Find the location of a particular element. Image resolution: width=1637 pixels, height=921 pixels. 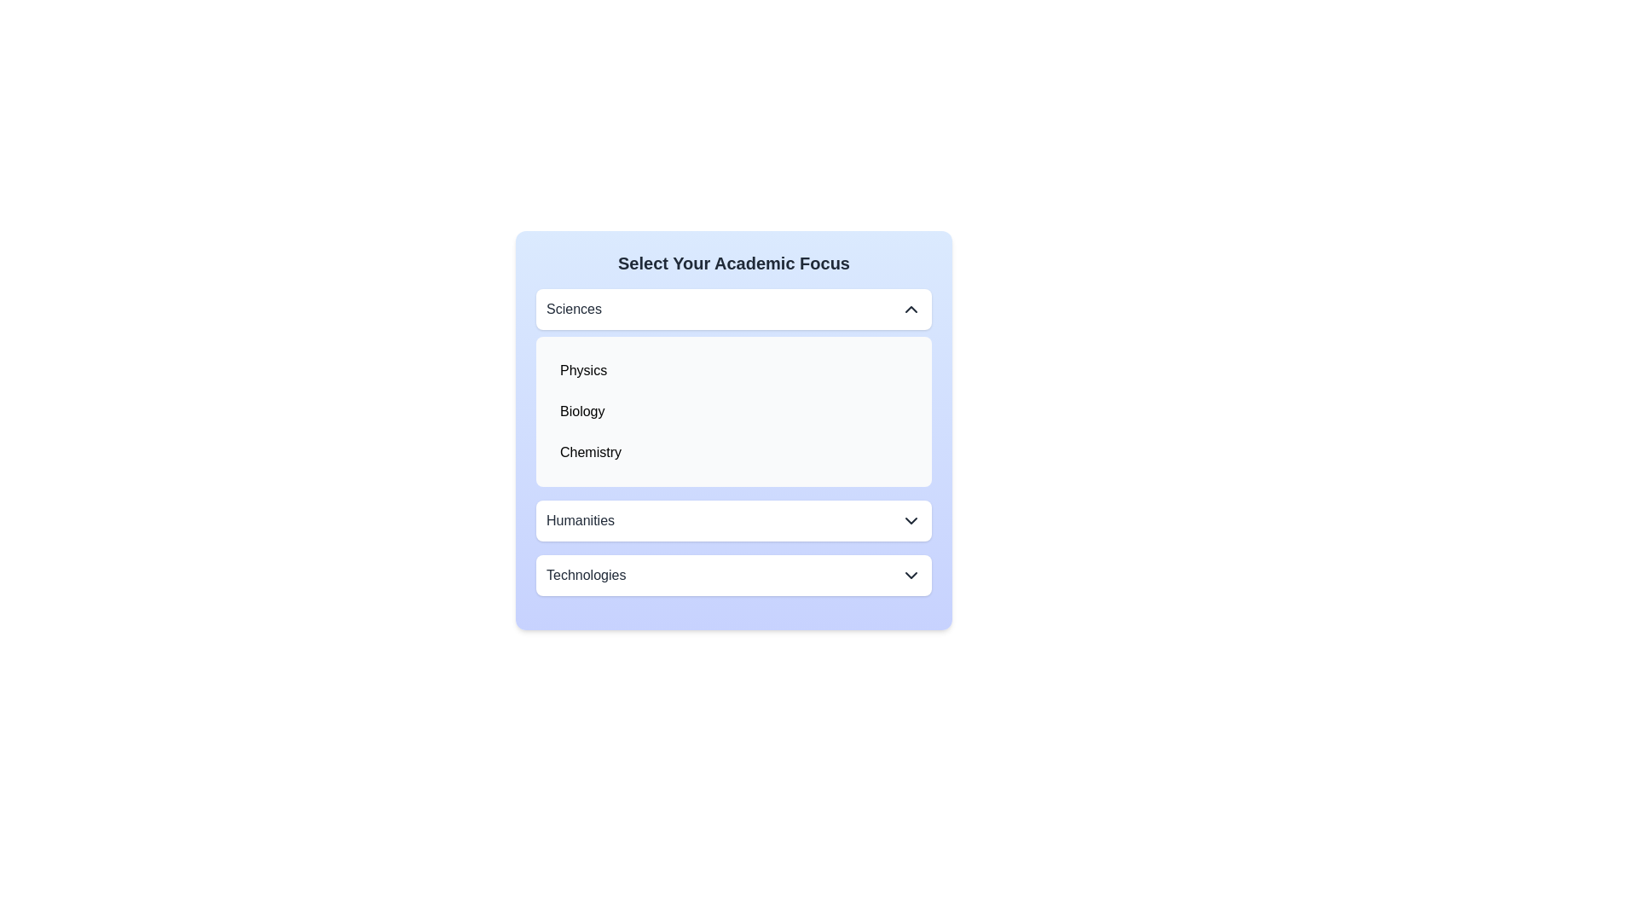

the 'Humanities' button with dropdown functionality is located at coordinates (733, 519).